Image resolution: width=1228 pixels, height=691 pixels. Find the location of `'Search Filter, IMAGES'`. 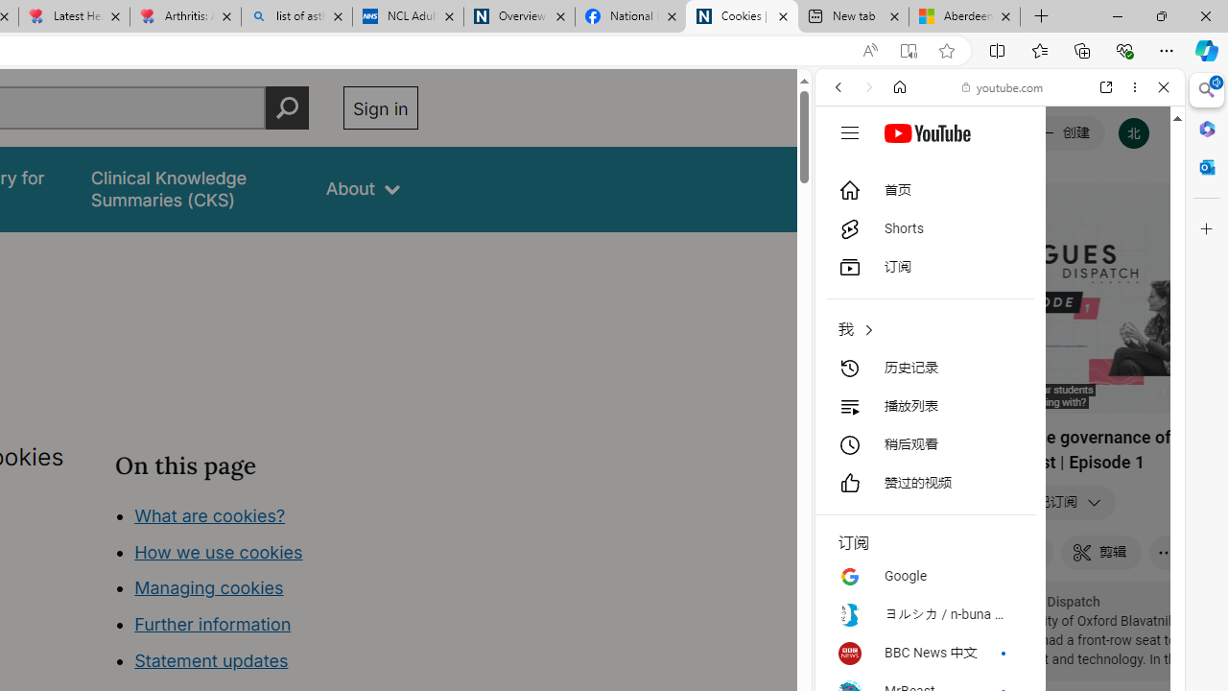

'Search Filter, IMAGES' is located at coordinates (901, 218).